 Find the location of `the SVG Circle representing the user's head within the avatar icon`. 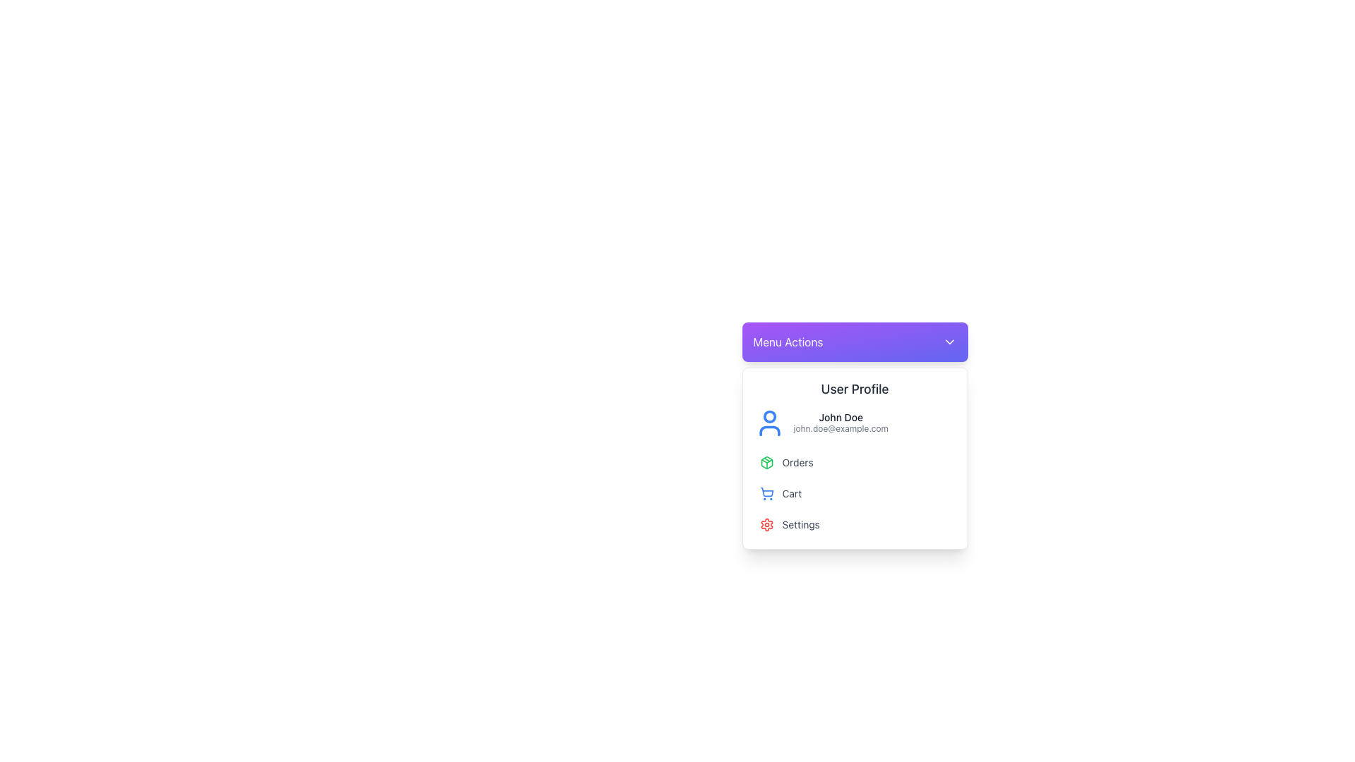

the SVG Circle representing the user's head within the avatar icon is located at coordinates (769, 416).